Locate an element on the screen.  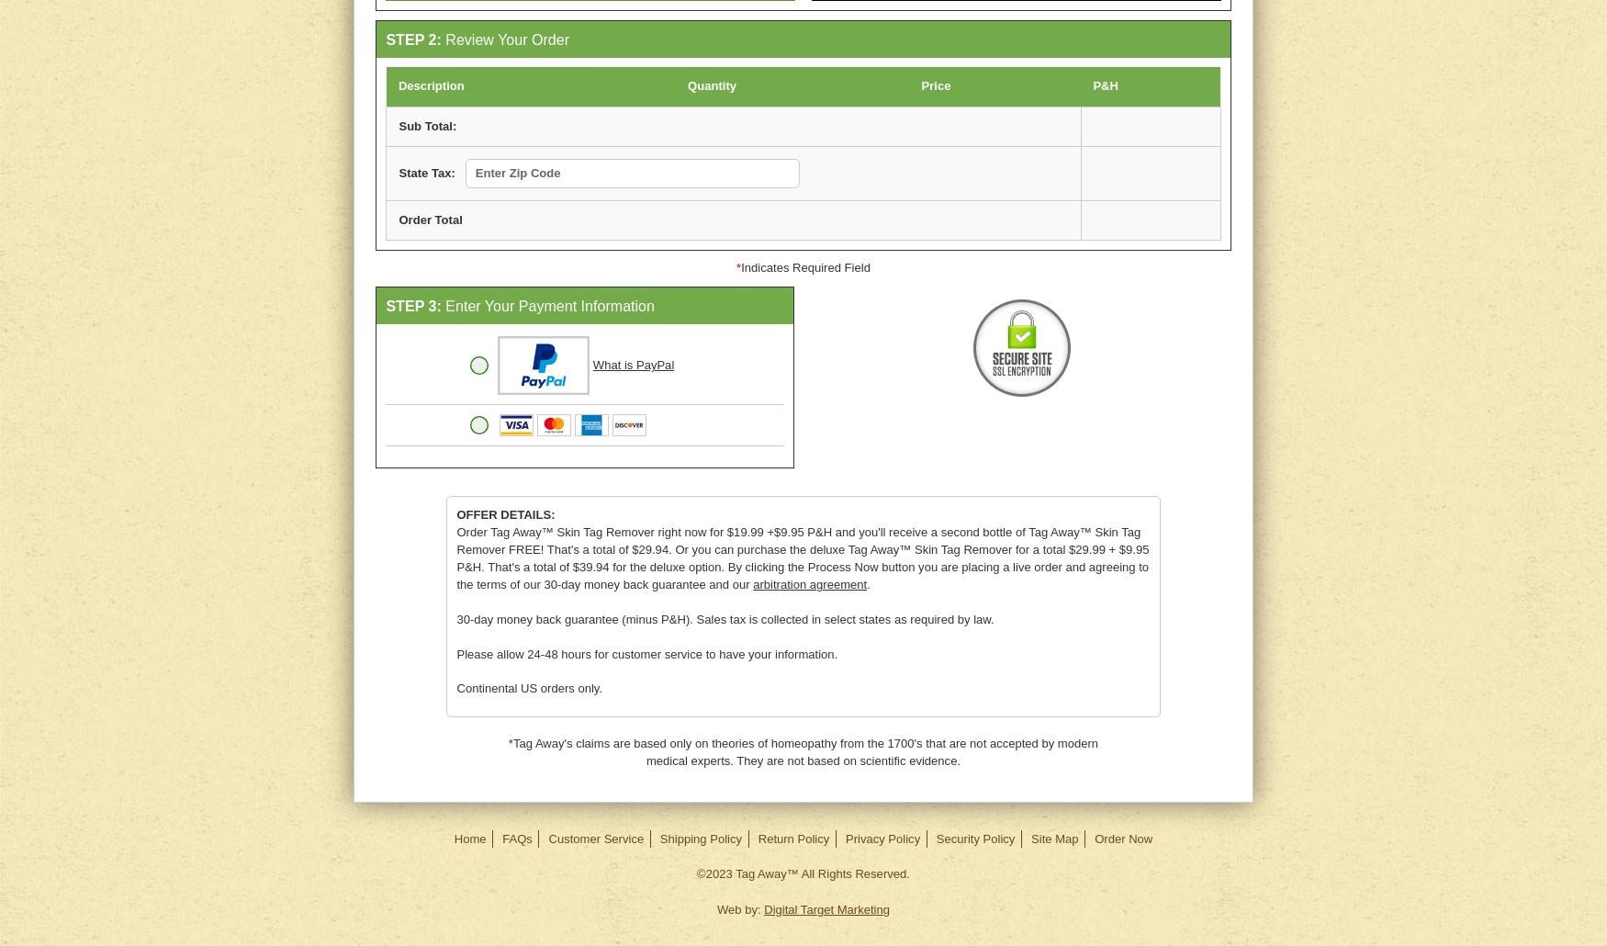
'Sub Total:' is located at coordinates (398, 124).